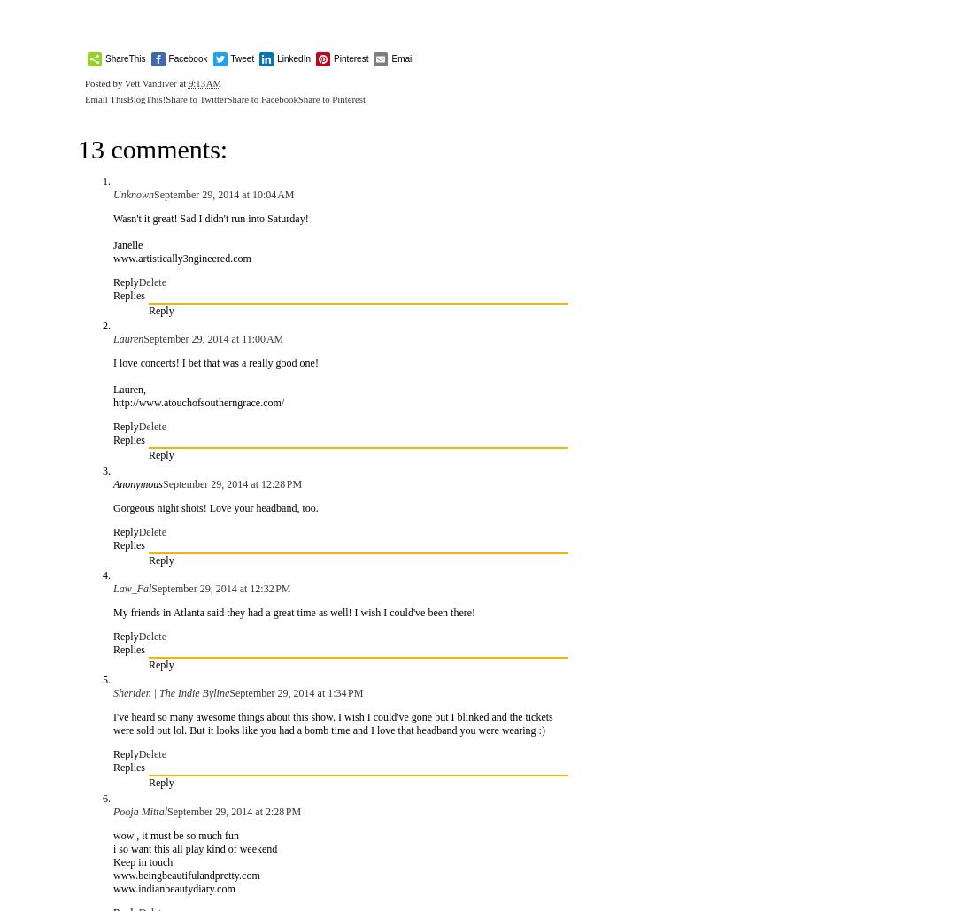  What do you see at coordinates (146, 97) in the screenshot?
I see `'BlogThis!'` at bounding box center [146, 97].